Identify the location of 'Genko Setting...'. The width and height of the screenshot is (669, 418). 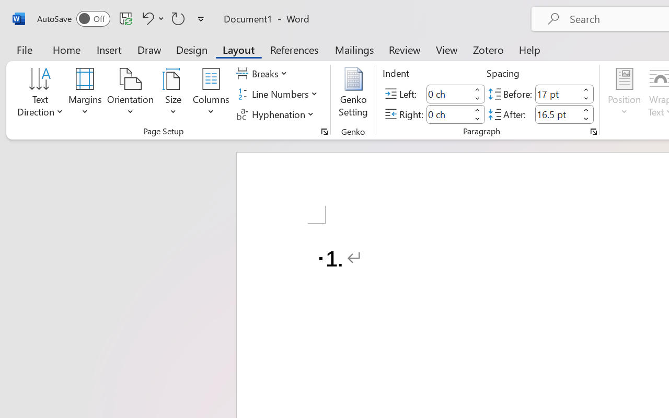
(353, 94).